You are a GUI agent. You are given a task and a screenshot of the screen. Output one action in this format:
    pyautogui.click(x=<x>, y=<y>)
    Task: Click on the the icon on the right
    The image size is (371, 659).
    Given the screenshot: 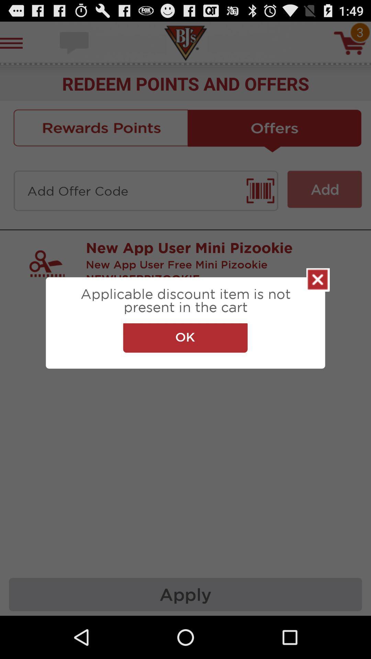 What is the action you would take?
    pyautogui.click(x=318, y=280)
    